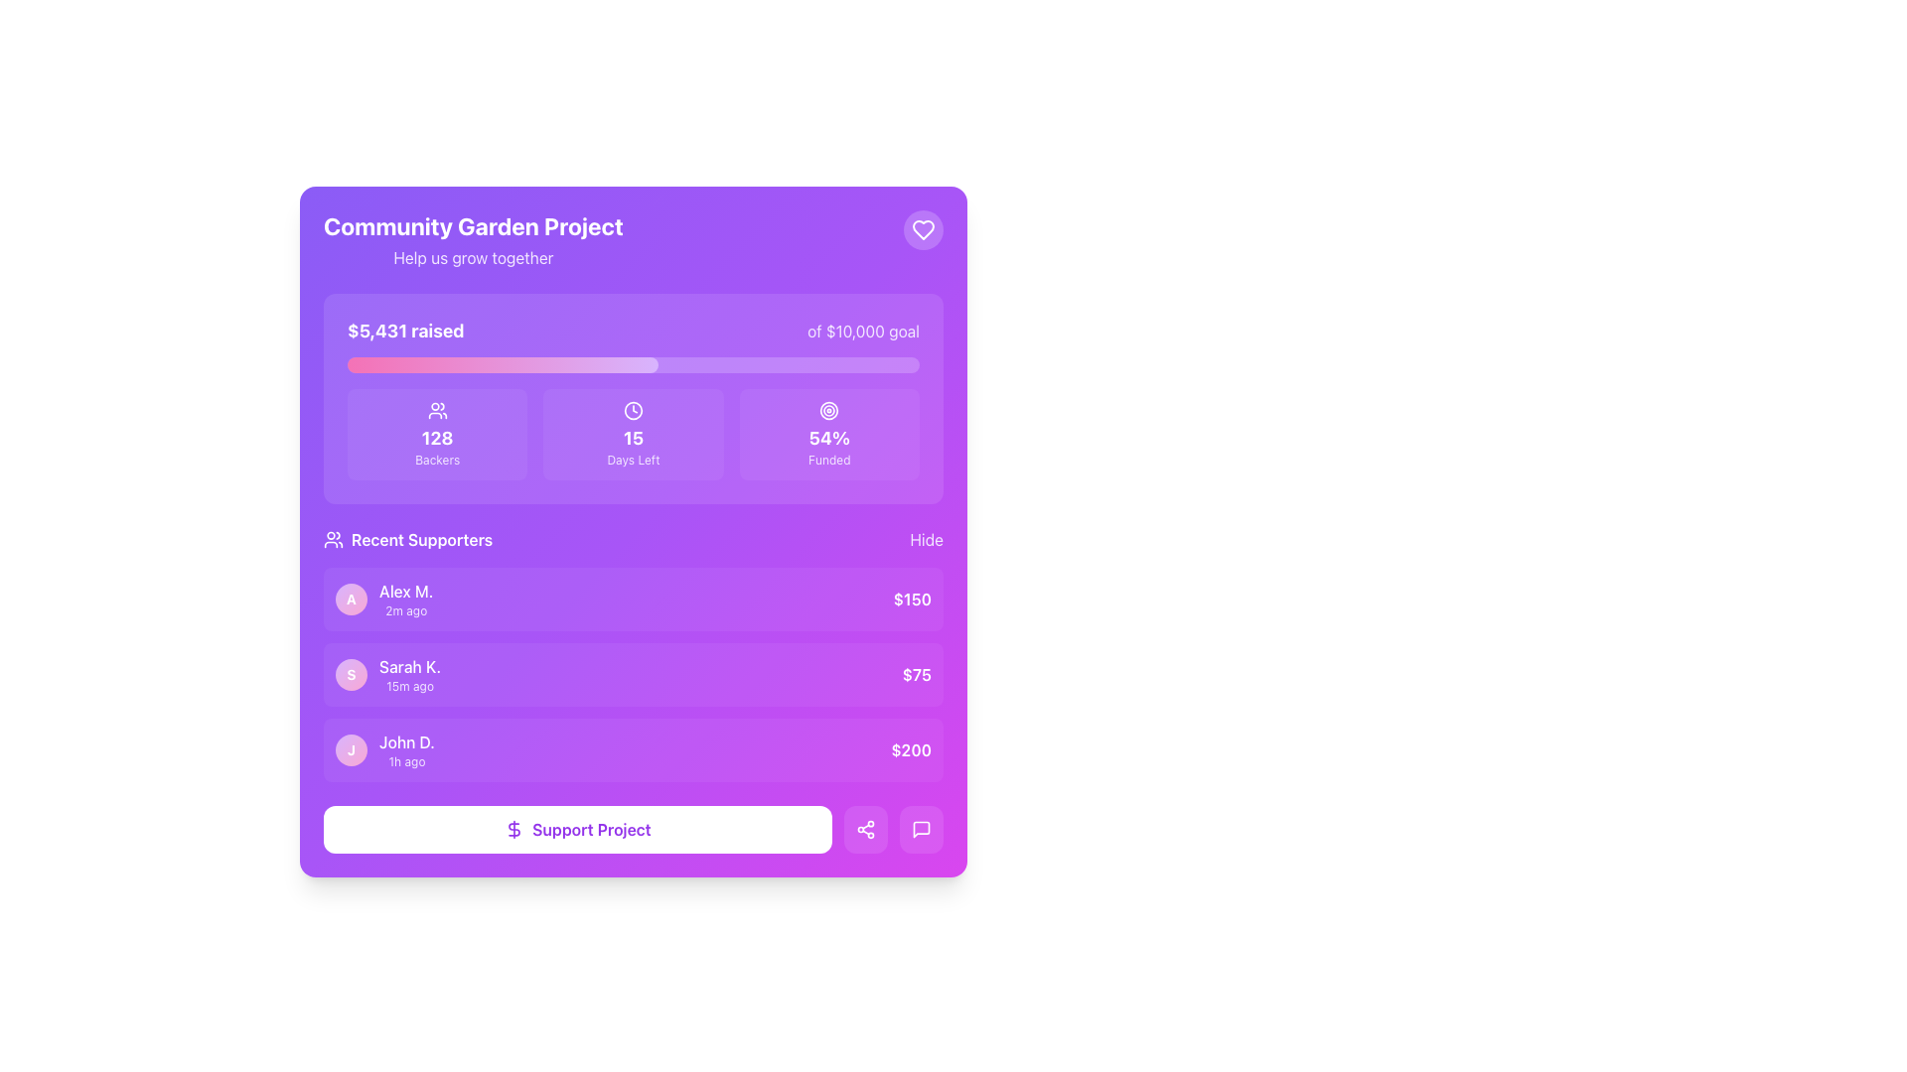 This screenshot has height=1072, width=1907. I want to click on the user's name 'John D.', so click(405, 750).